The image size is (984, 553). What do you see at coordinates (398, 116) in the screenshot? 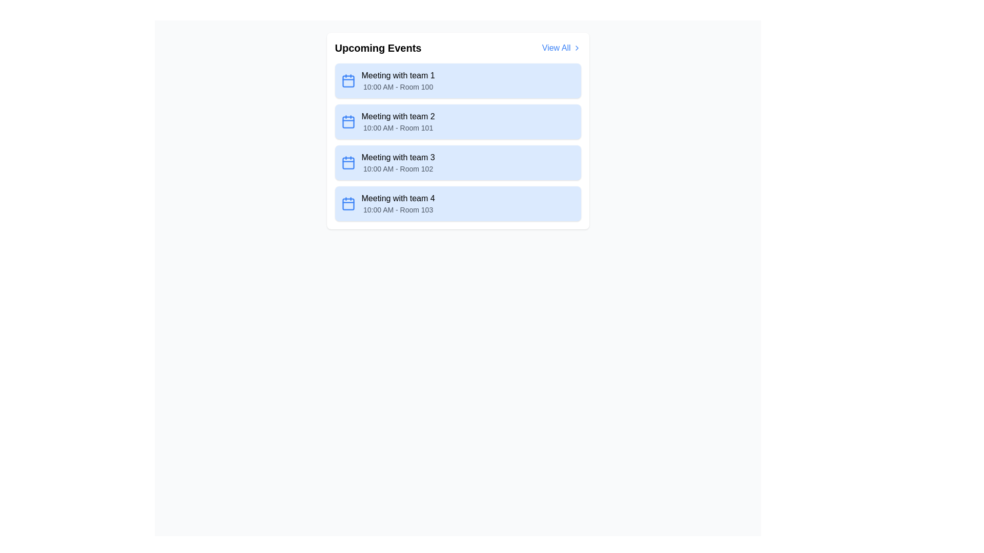
I see `the static text label displaying 'Meeting with team 2', which is located in the top half of the blue background event card under 'Upcoming Events'` at bounding box center [398, 116].